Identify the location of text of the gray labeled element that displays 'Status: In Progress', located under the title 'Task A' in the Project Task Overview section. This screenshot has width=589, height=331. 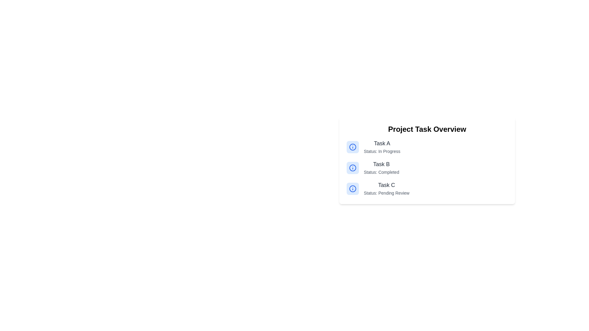
(382, 151).